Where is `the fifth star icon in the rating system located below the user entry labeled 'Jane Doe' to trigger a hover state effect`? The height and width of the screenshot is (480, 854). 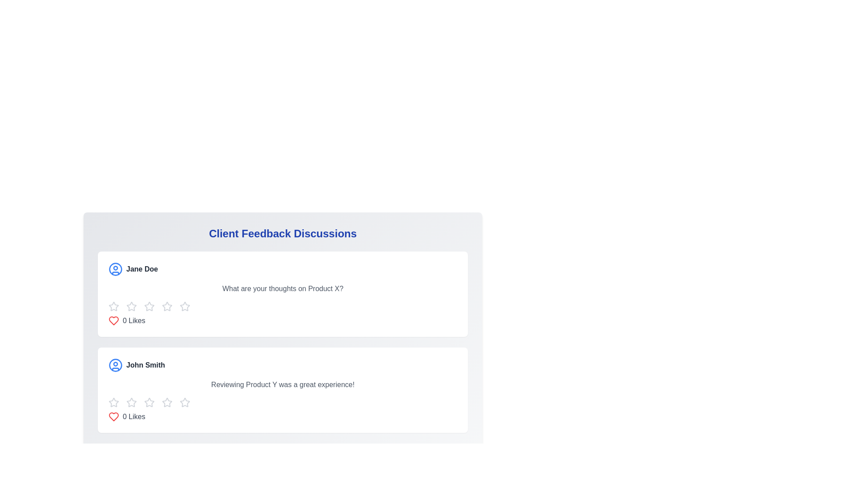 the fifth star icon in the rating system located below the user entry labeled 'Jane Doe' to trigger a hover state effect is located at coordinates (185, 306).